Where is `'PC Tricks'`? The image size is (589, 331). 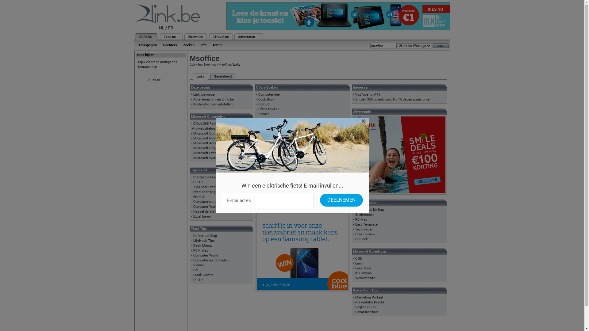
'PC Tricks' is located at coordinates (266, 153).